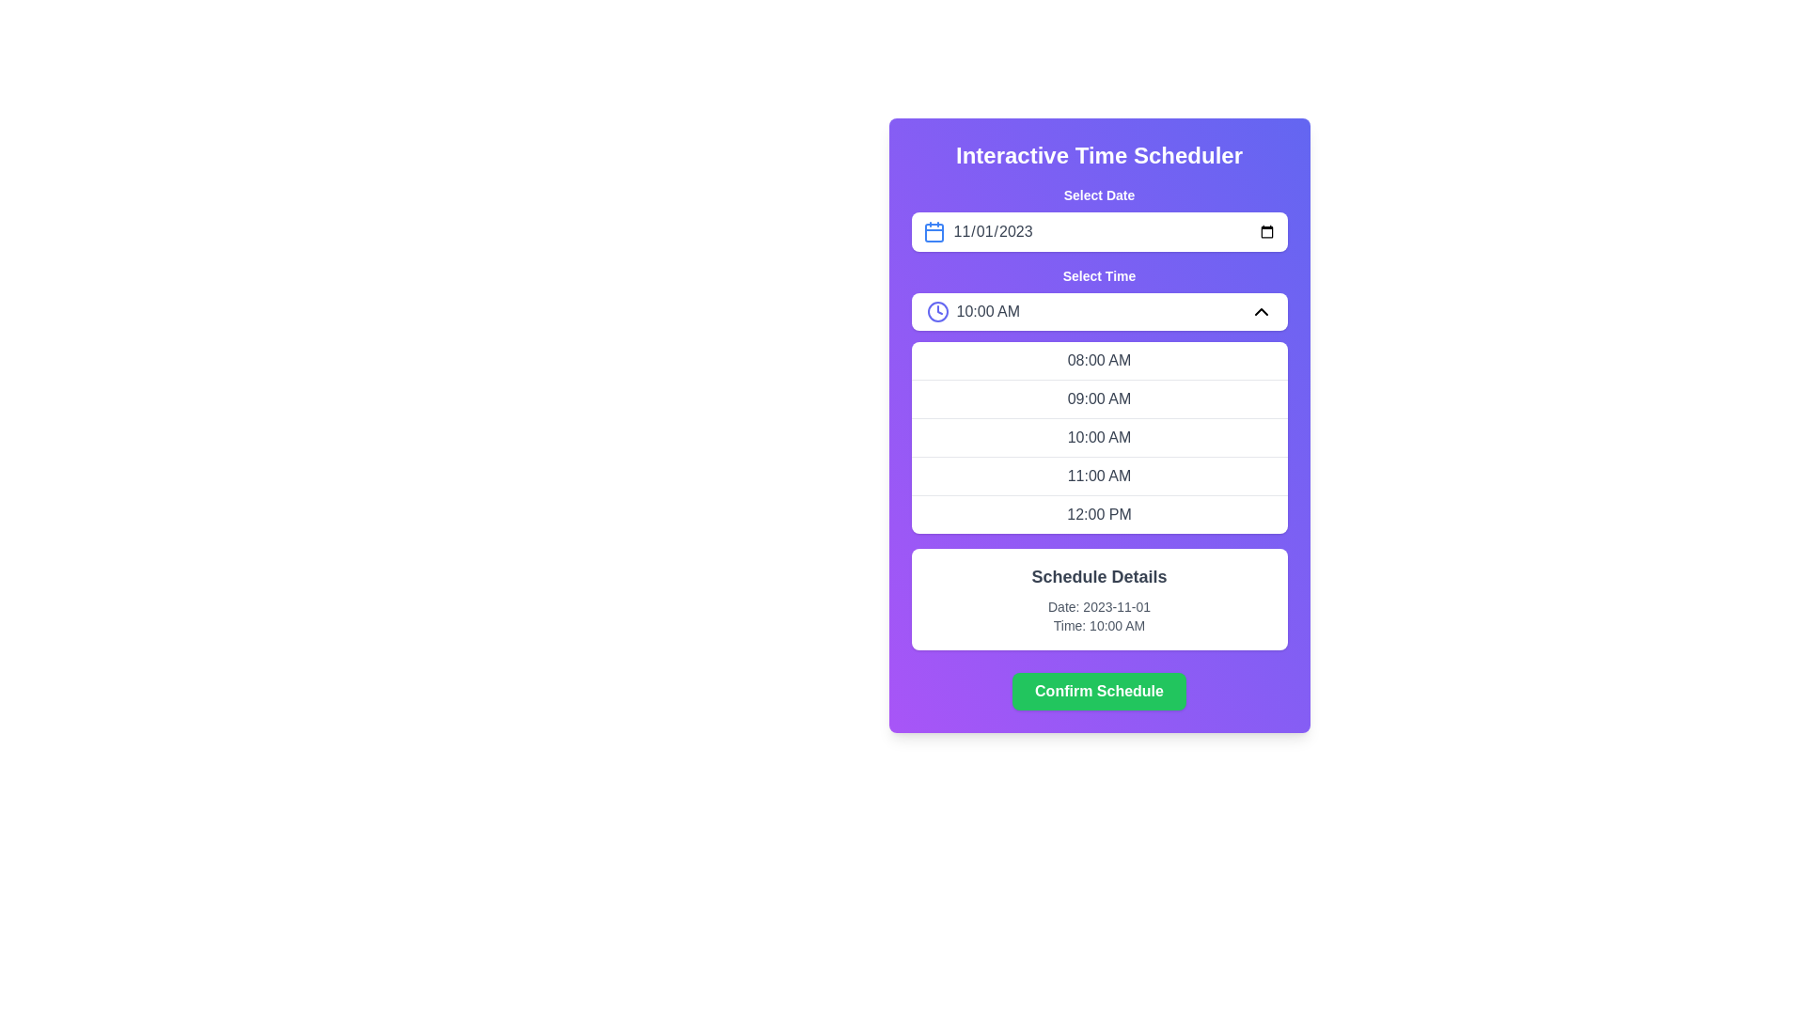 The width and height of the screenshot is (1805, 1015). Describe the element at coordinates (934, 231) in the screenshot. I see `the decorative rectangle inside the SVG calendar icon located at the top of the interface, to the left of the date input field showing '11/01/2023'` at that location.